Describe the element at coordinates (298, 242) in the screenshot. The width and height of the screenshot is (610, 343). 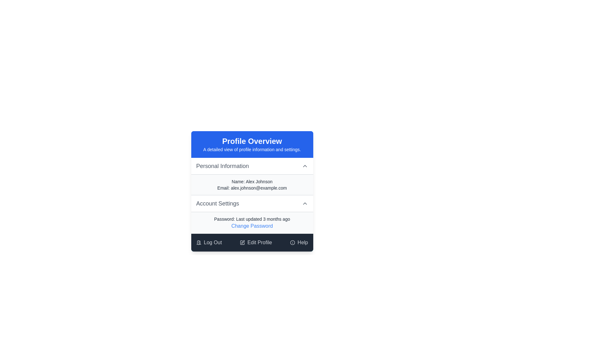
I see `the help or guidance button, which is the third and rightmost item in the bottom row of the card-like interface, following the 'Log Out' and 'Edit Profile' buttons` at that location.